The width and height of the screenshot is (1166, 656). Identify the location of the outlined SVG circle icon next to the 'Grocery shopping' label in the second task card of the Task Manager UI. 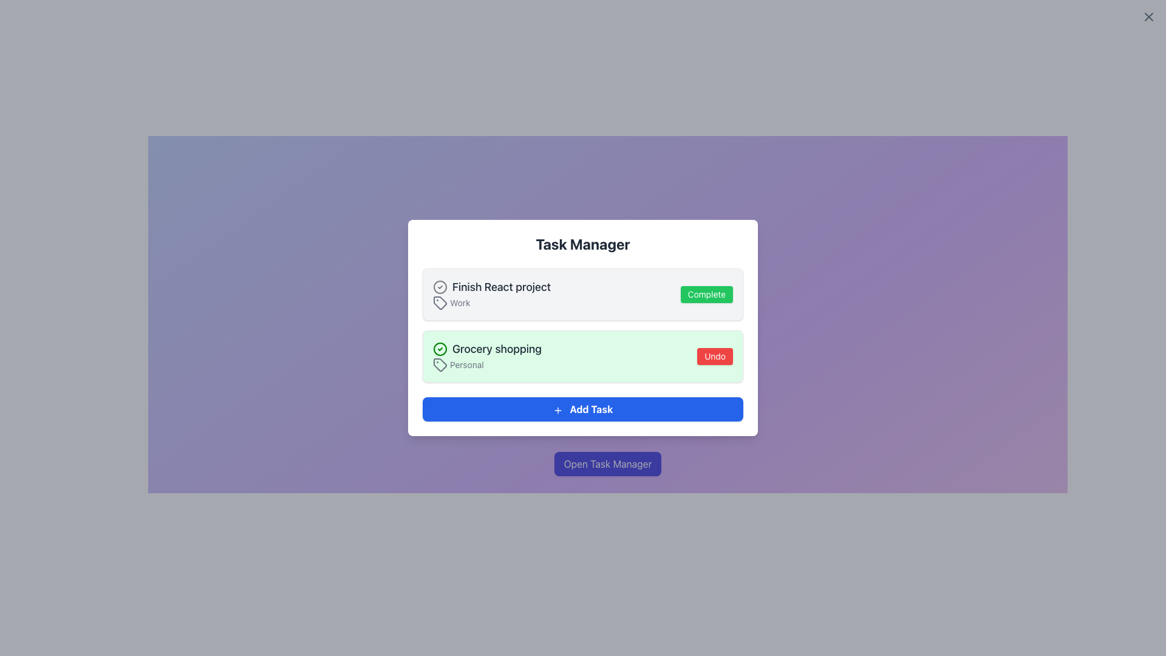
(439, 287).